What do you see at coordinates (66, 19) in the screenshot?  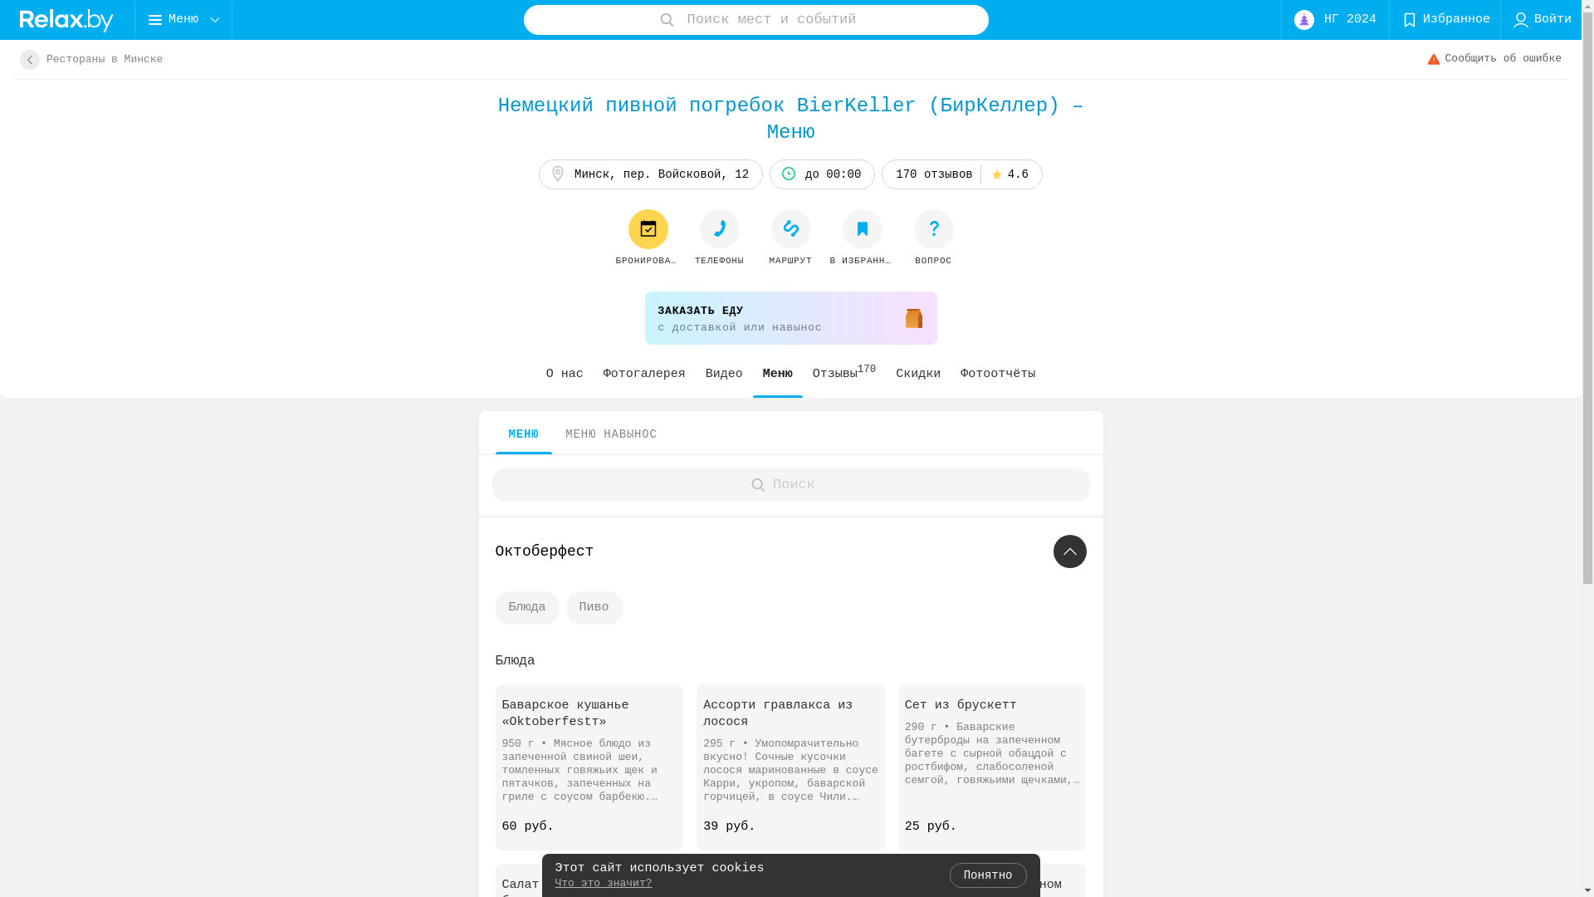 I see `'logo'` at bounding box center [66, 19].